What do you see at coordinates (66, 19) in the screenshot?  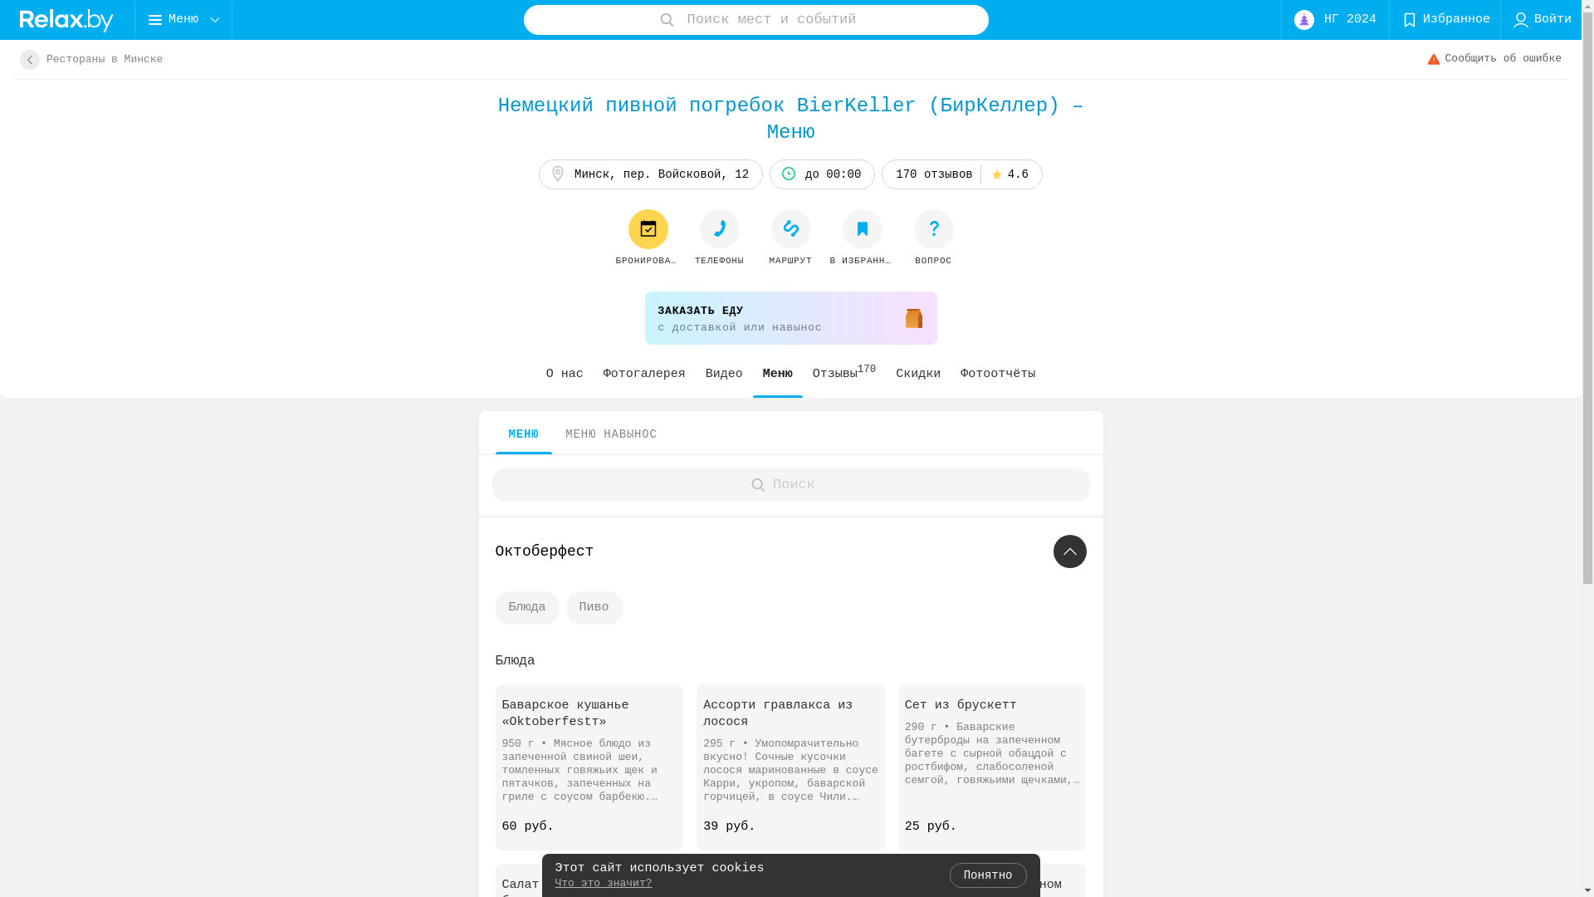 I see `'logo'` at bounding box center [66, 19].